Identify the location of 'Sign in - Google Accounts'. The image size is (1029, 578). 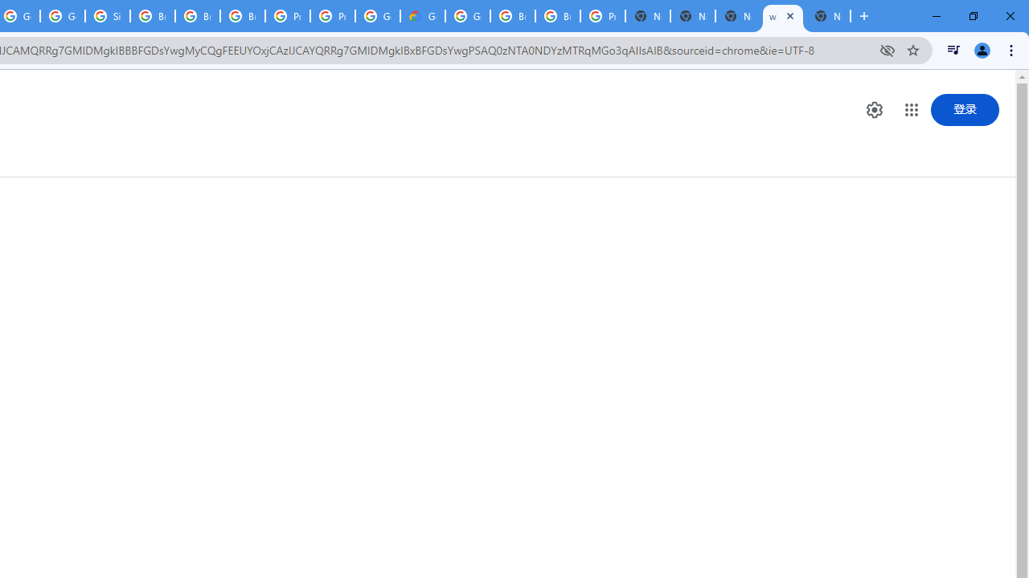
(107, 16).